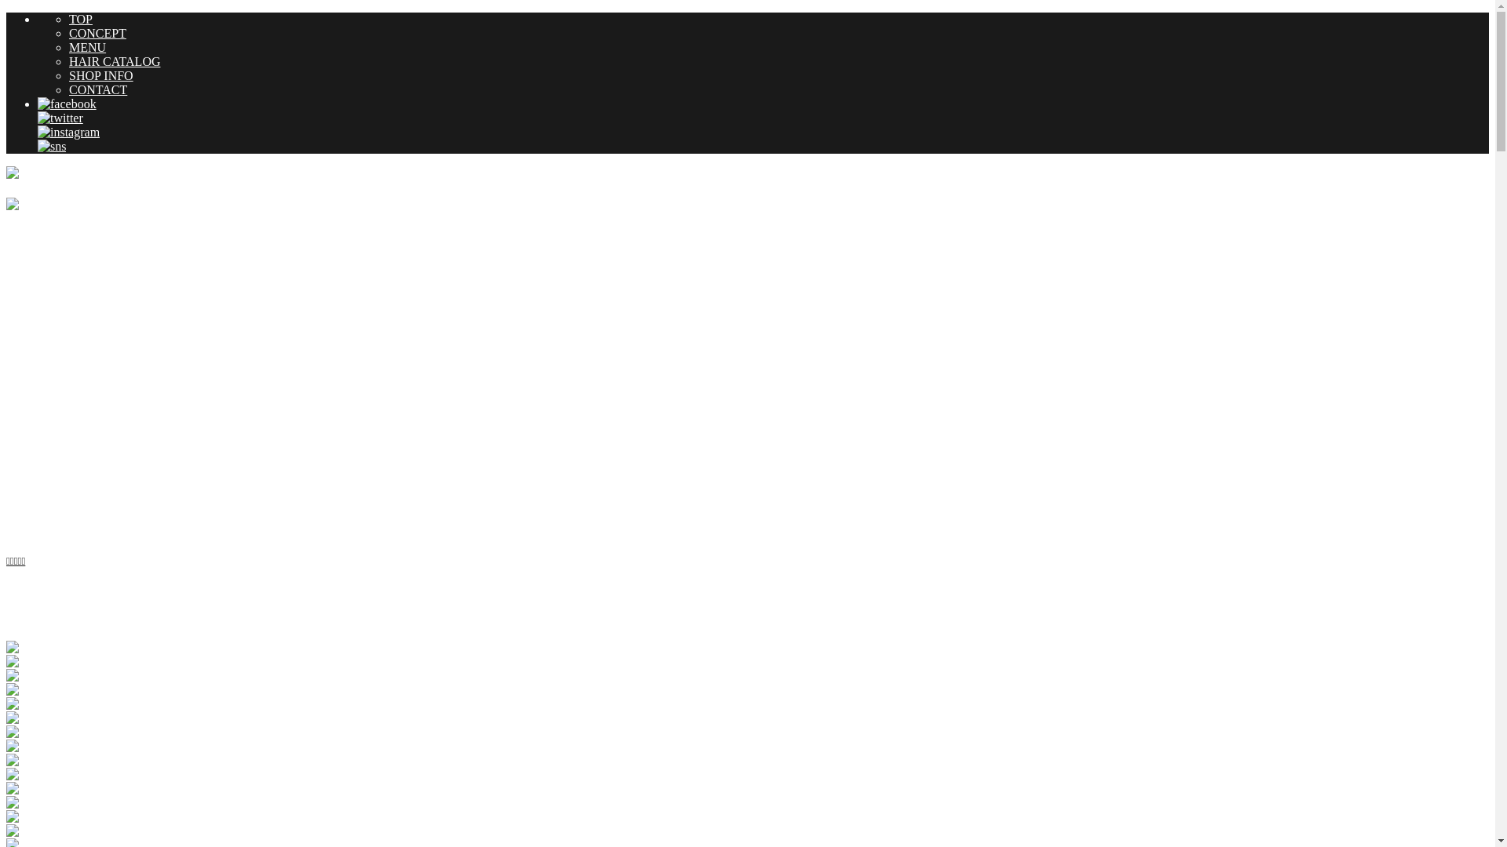 Image resolution: width=1507 pixels, height=847 pixels. What do you see at coordinates (114, 60) in the screenshot?
I see `'HAIR CATALOG'` at bounding box center [114, 60].